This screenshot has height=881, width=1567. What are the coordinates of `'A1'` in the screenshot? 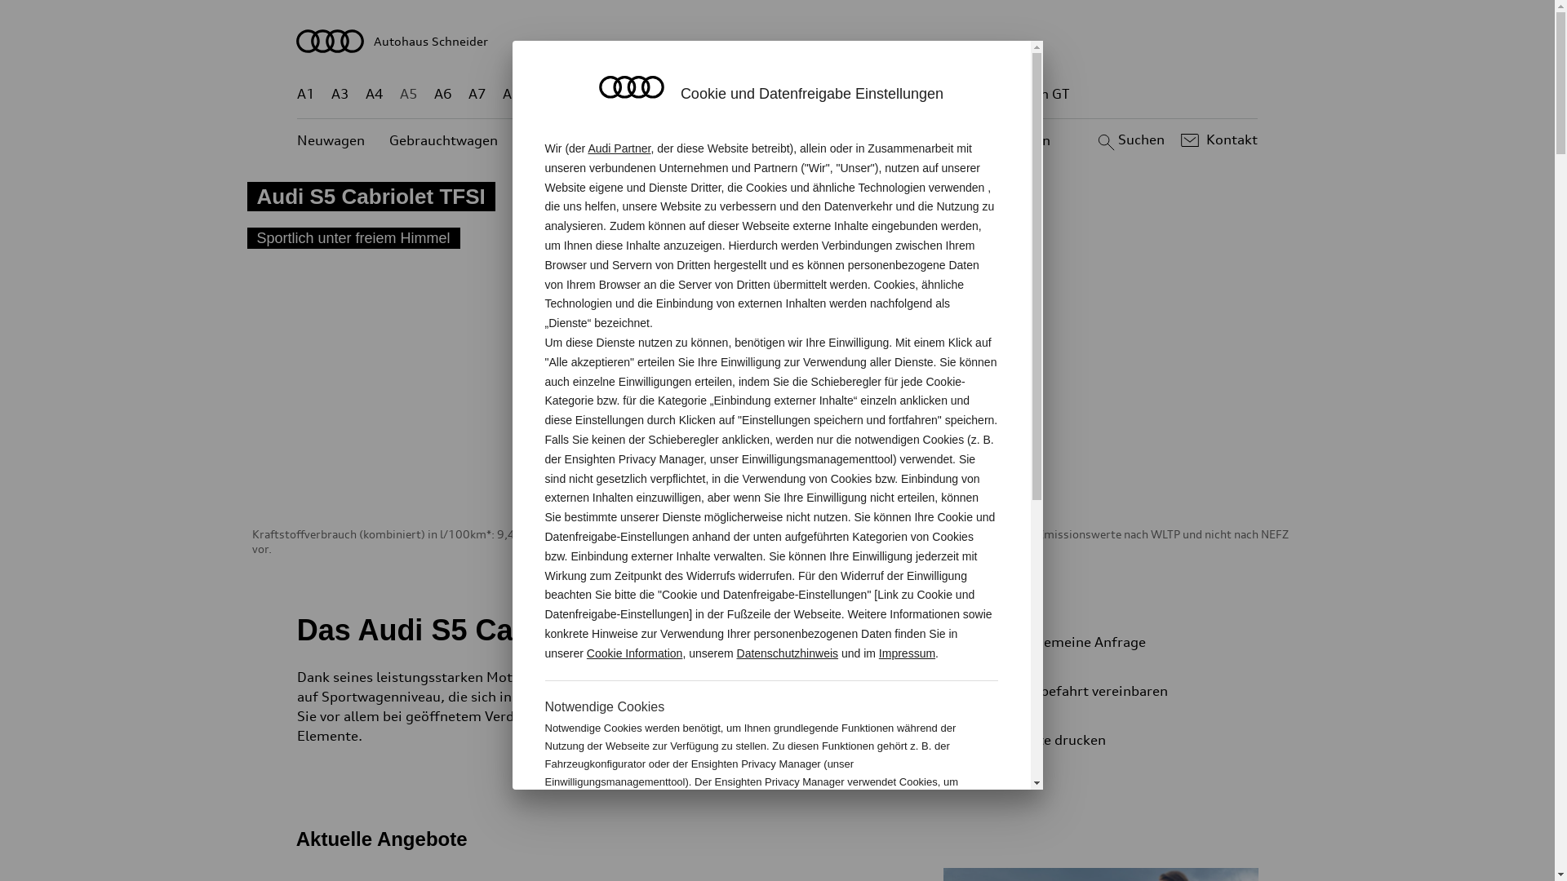 It's located at (305, 94).